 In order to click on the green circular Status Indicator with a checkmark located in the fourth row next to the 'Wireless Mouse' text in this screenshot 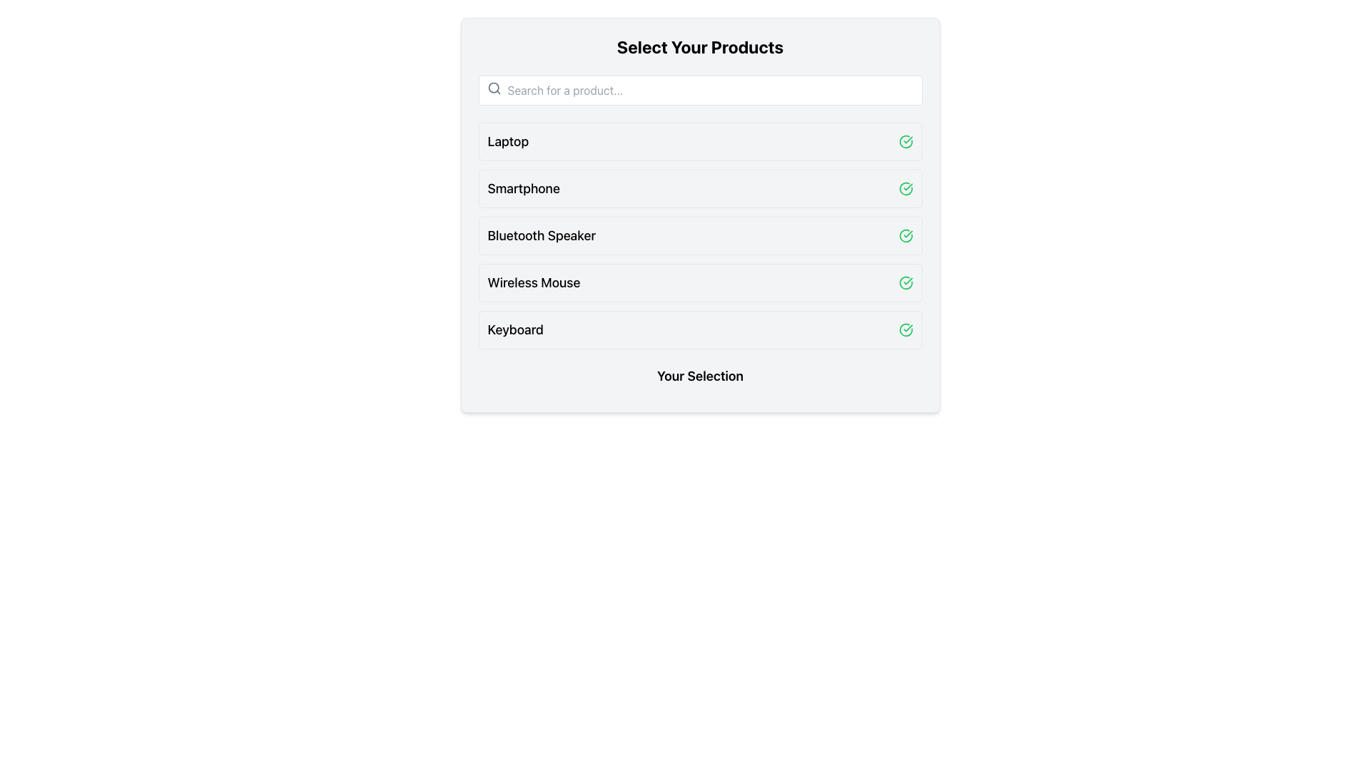, I will do `click(905, 283)`.